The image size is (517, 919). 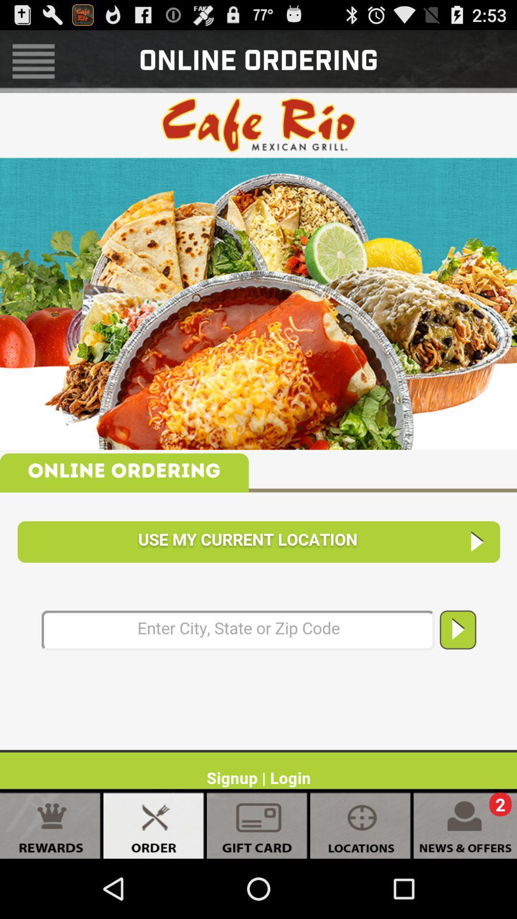 I want to click on the menu icon, so click(x=33, y=65).